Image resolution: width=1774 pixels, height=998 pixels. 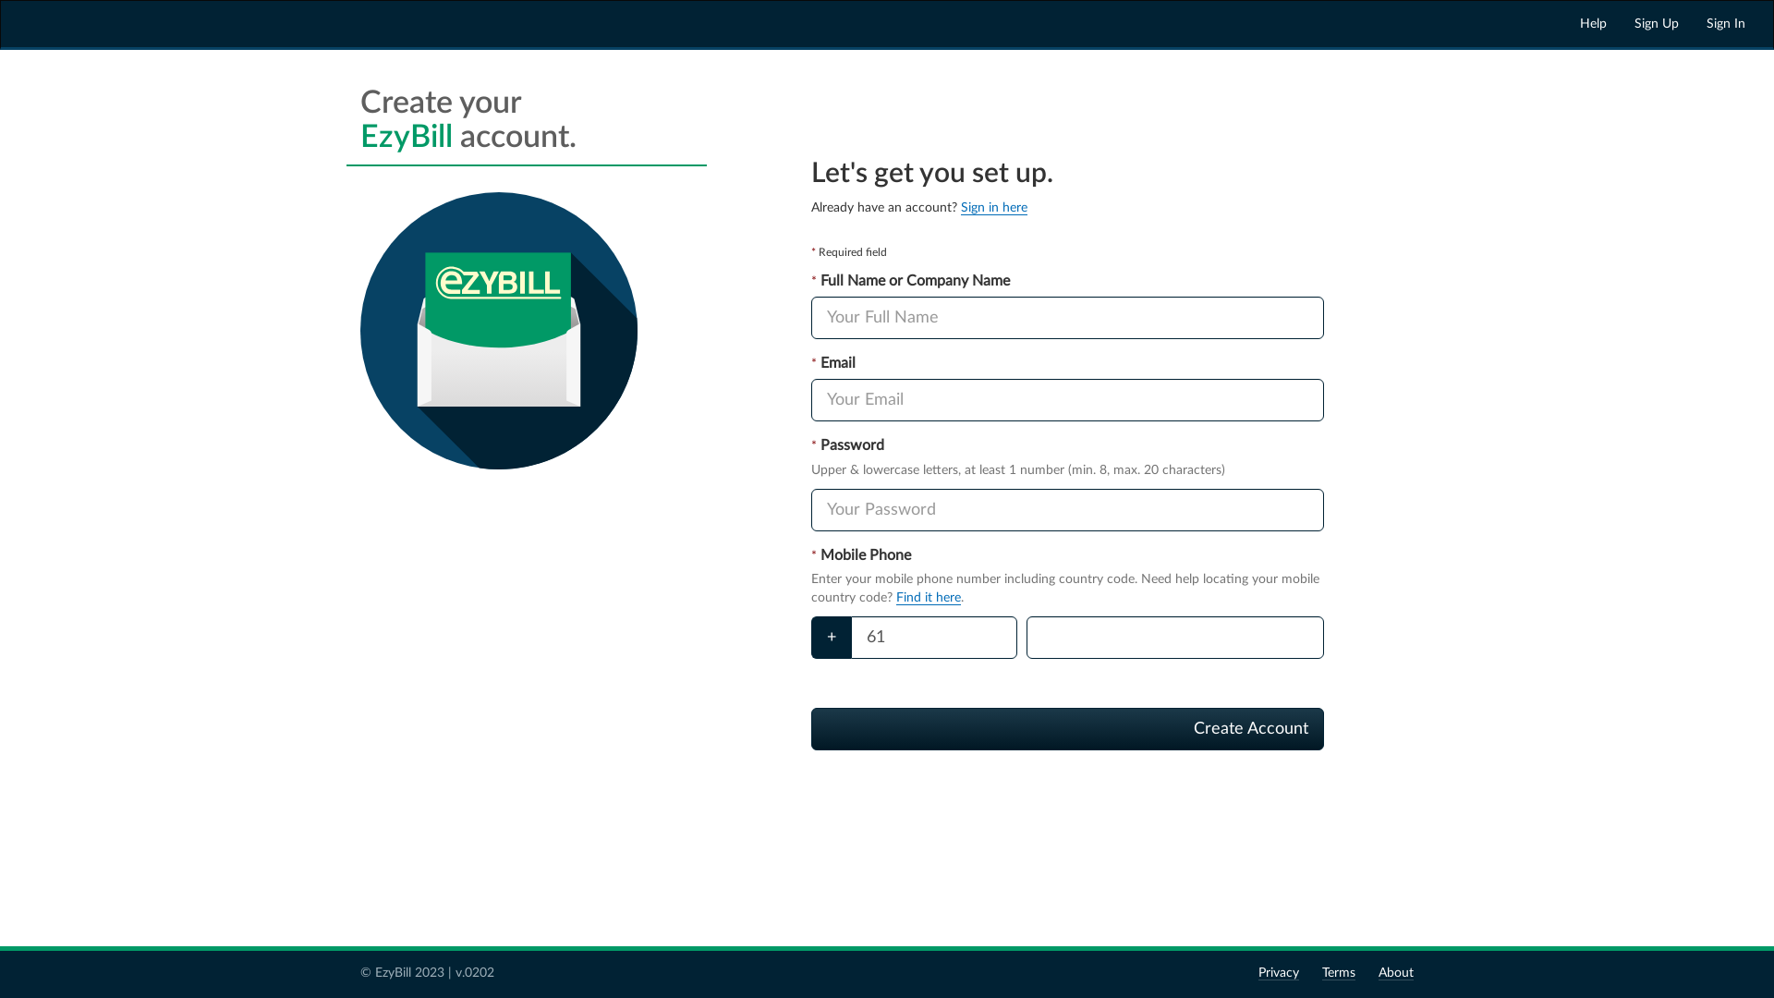 I want to click on 'Privacy', so click(x=1277, y=972).